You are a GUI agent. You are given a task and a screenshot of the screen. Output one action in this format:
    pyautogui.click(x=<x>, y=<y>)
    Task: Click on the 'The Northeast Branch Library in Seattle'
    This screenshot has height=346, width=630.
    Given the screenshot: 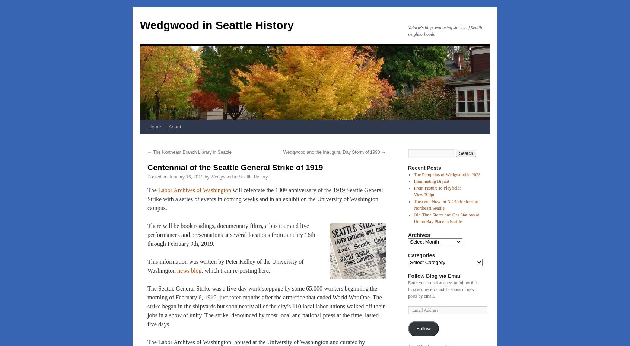 What is the action you would take?
    pyautogui.click(x=191, y=152)
    